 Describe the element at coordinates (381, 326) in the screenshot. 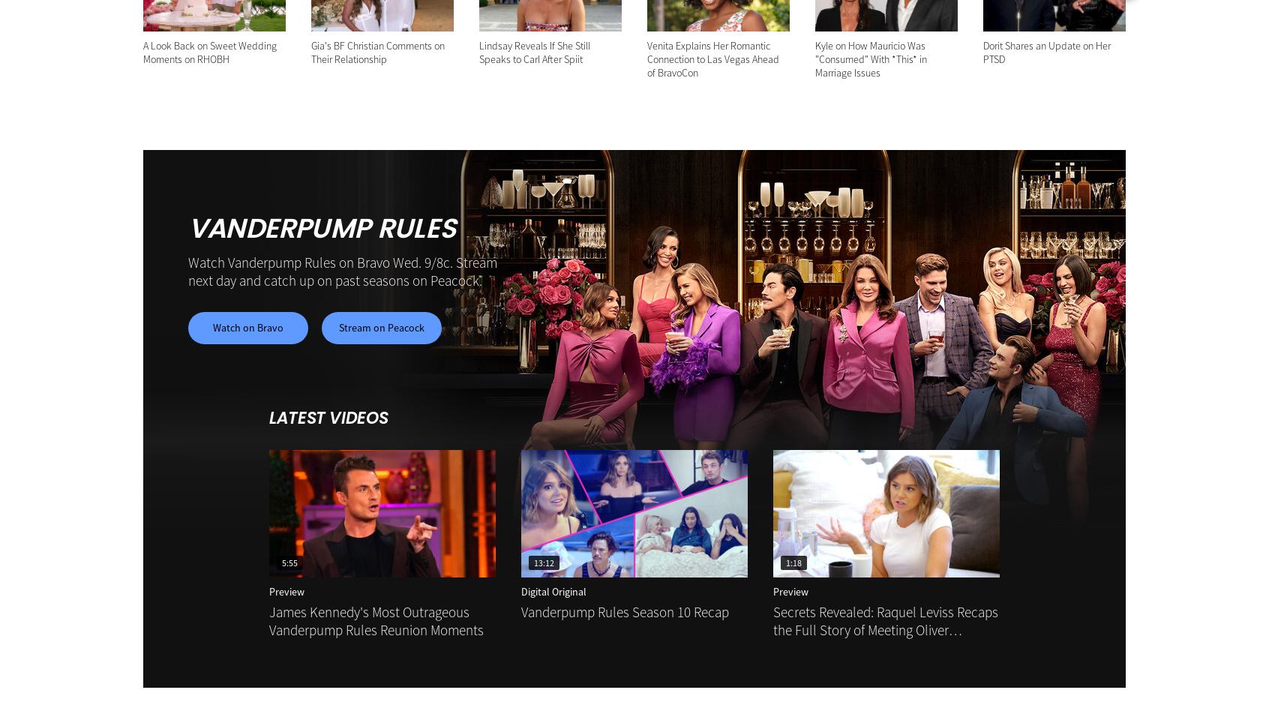

I see `'Stream on Peacock'` at that location.